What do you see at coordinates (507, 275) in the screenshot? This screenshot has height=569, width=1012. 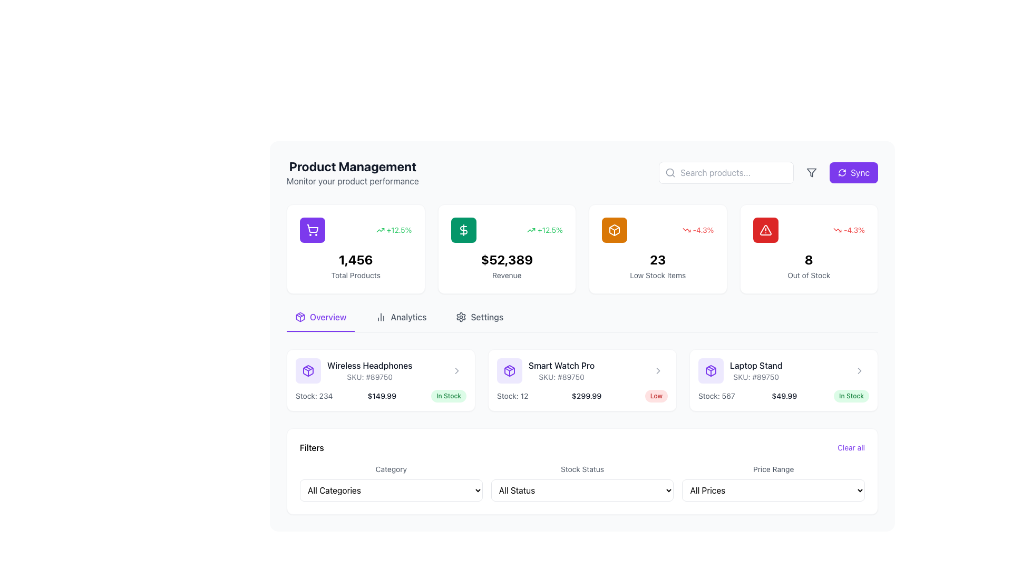 I see `text label indicating the meaning of the revenue value '$52,389', which is located underneath it in the dashboard's second card from the left` at bounding box center [507, 275].